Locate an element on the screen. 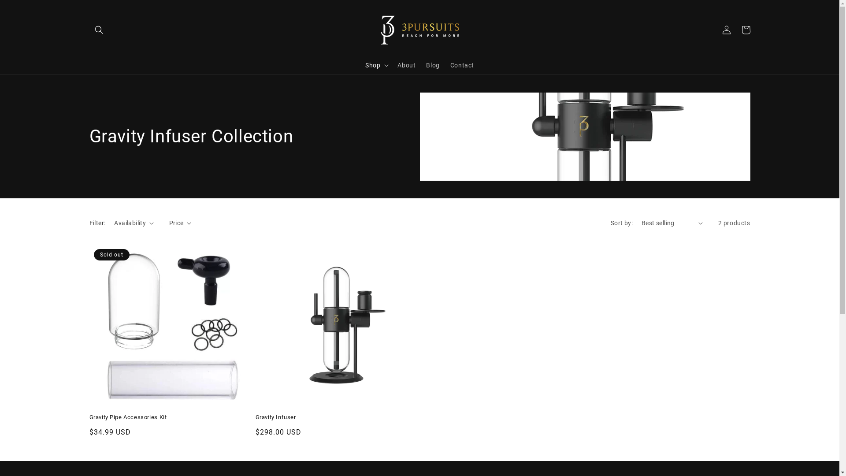 The width and height of the screenshot is (846, 476). 'Blog' is located at coordinates (433, 64).